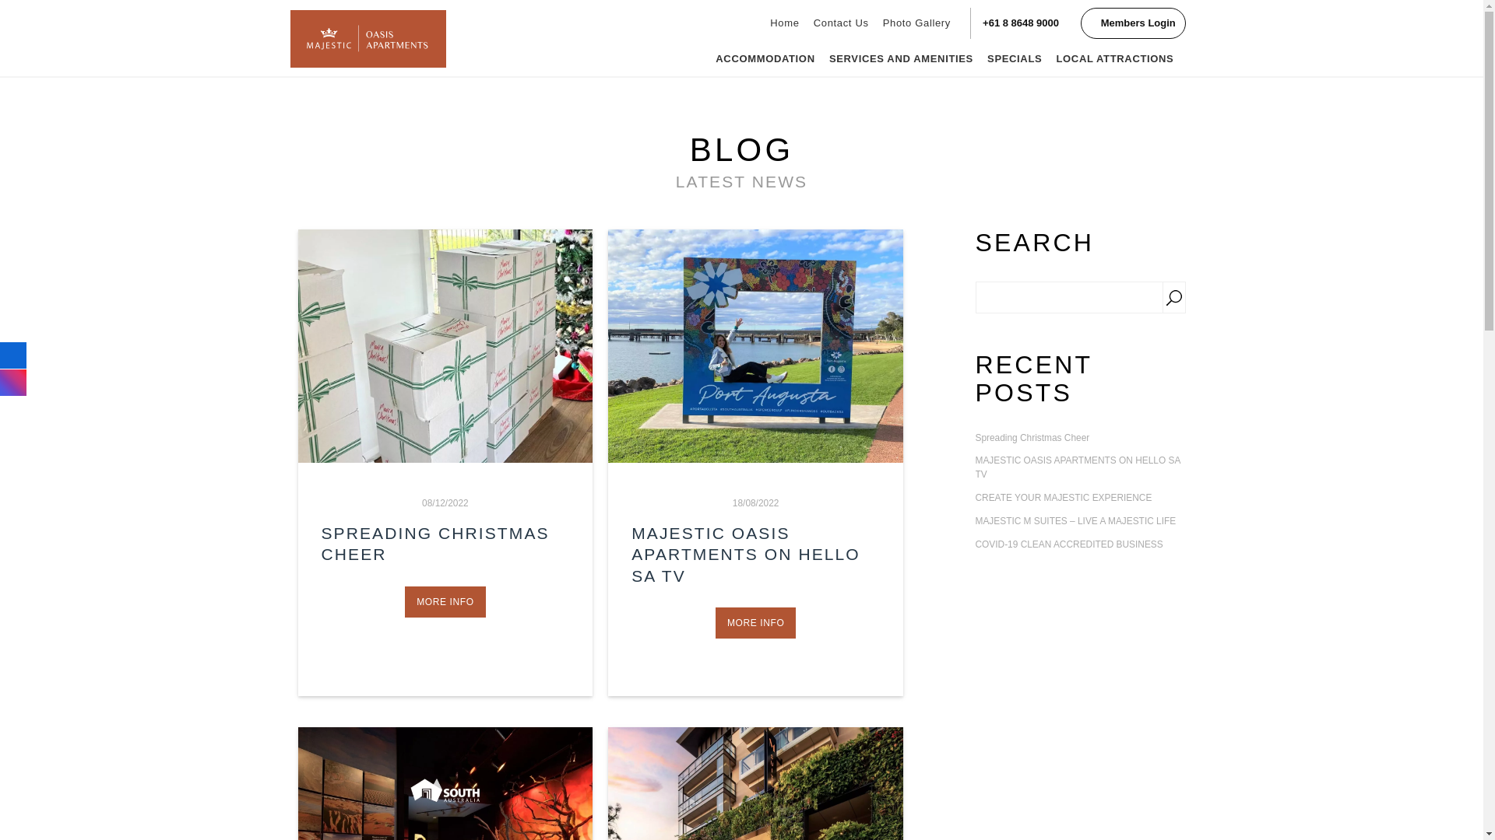 The height and width of the screenshot is (840, 1495). Describe the element at coordinates (755, 503) in the screenshot. I see `'18/08/2022'` at that location.